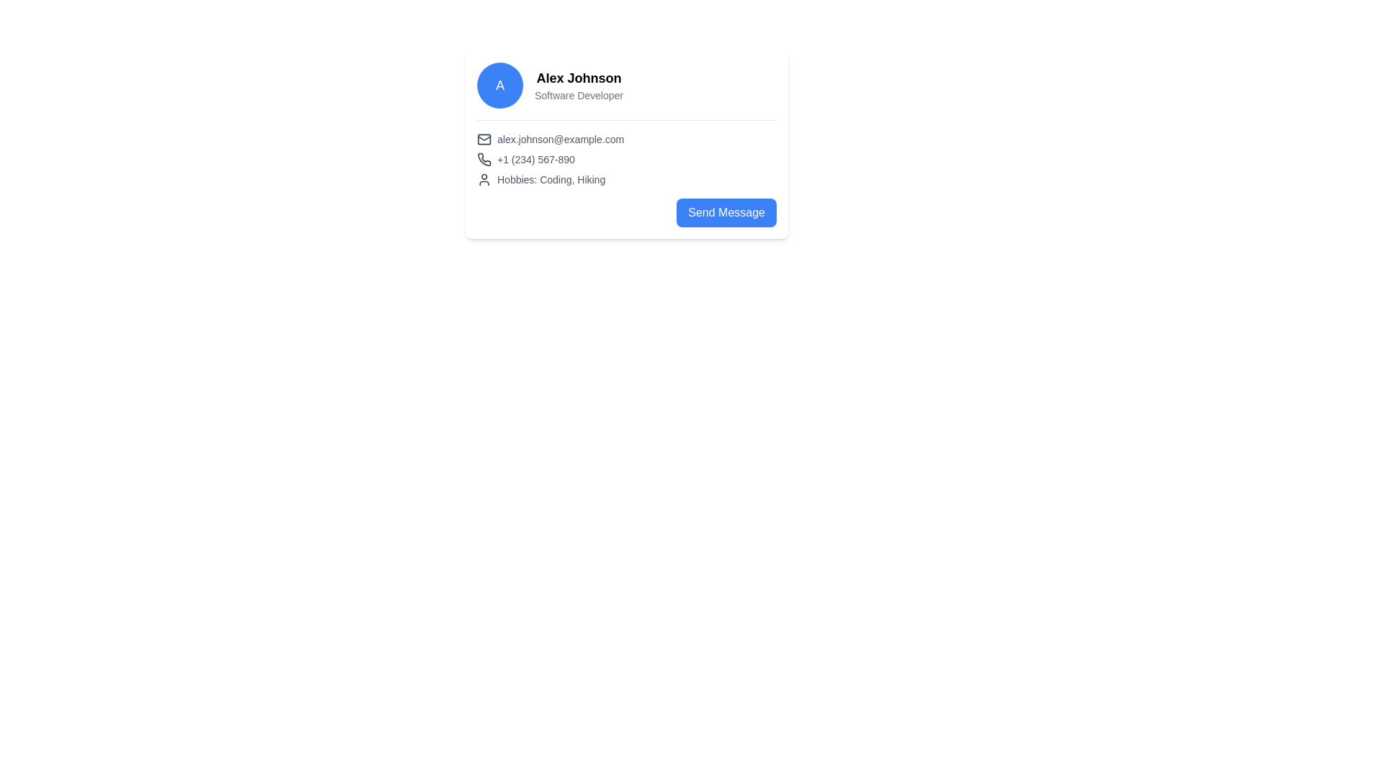 This screenshot has width=1382, height=777. Describe the element at coordinates (626, 153) in the screenshot. I see `content from the Profile information display block that shows the email address, phone number, and hobbies, located in the personal information section below the user's name and job title` at that location.